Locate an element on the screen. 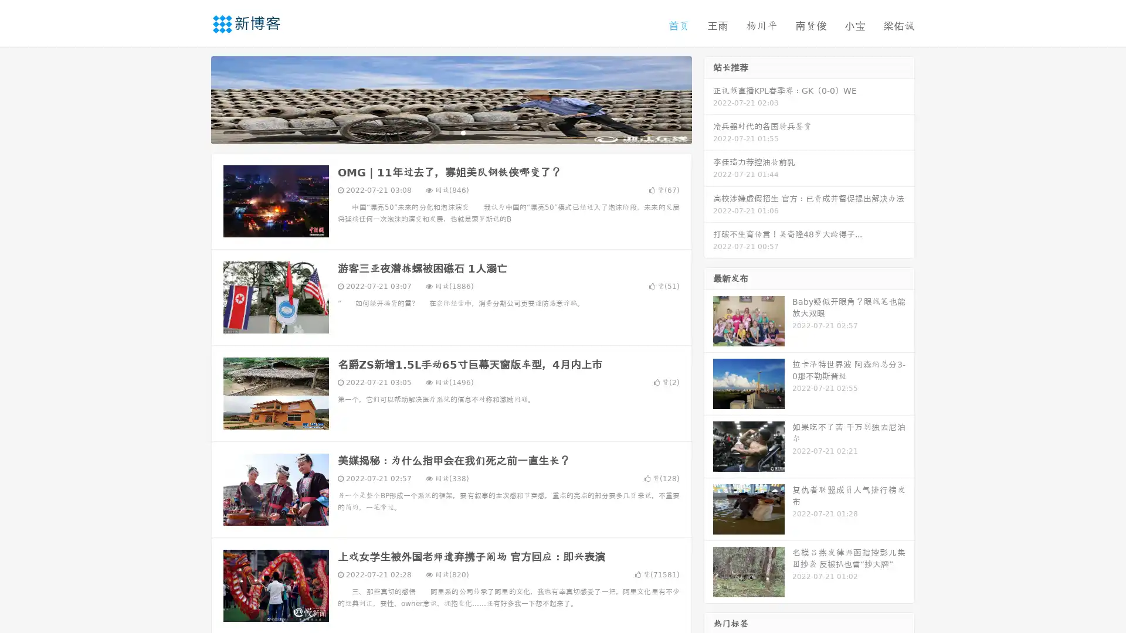  Next slide is located at coordinates (708, 98).